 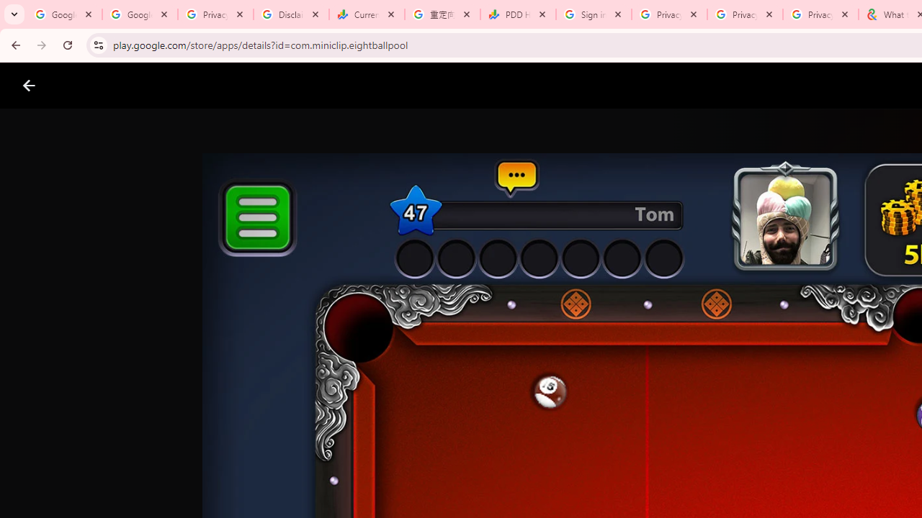 What do you see at coordinates (63, 14) in the screenshot?
I see `'Google Workspace Admin Community'` at bounding box center [63, 14].